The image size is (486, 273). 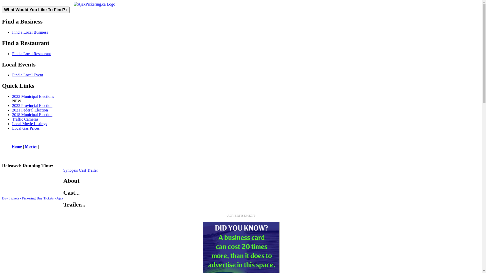 What do you see at coordinates (50, 198) in the screenshot?
I see `'Buy Tickets - Ajax'` at bounding box center [50, 198].